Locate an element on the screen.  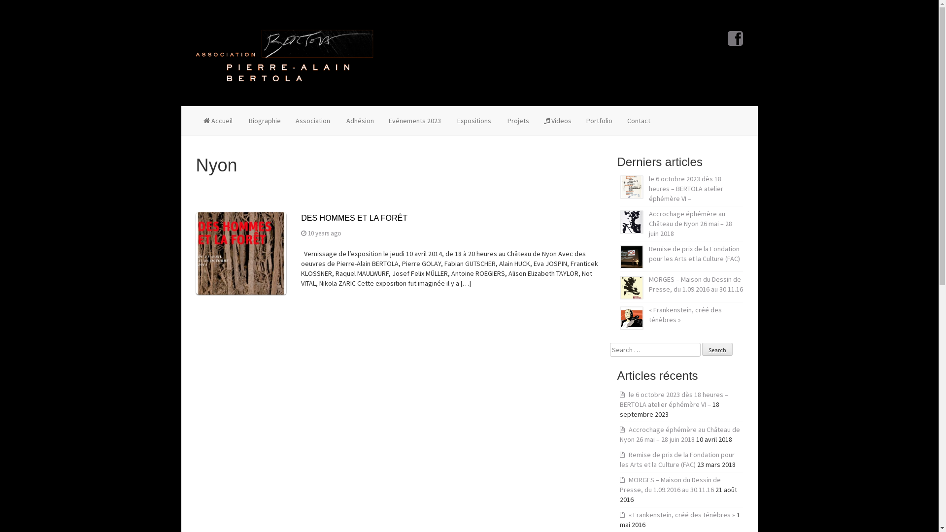
'Contact' is located at coordinates (639, 120).